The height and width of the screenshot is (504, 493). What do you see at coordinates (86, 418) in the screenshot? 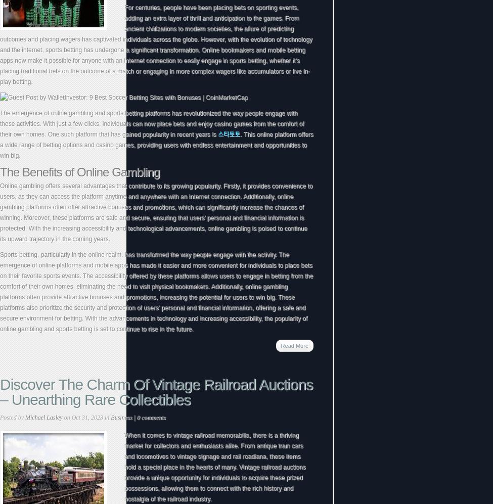
I see `'on Oct 31, 2023 in'` at bounding box center [86, 418].